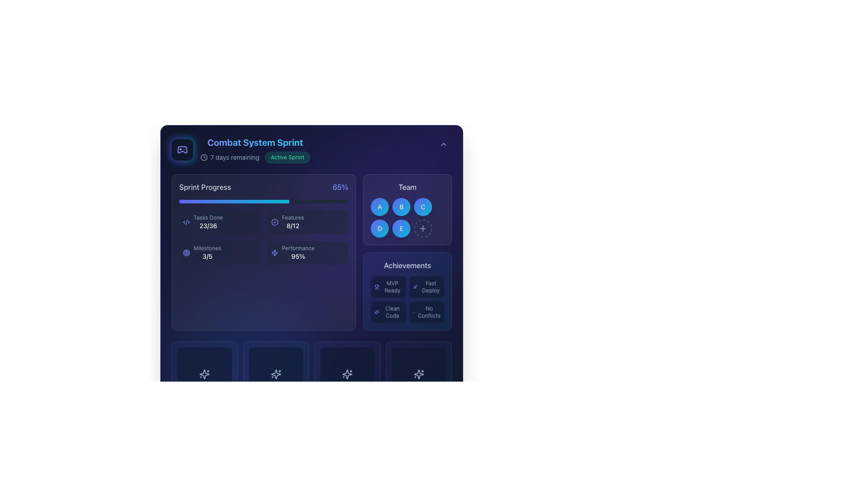 This screenshot has height=486, width=865. I want to click on the Text Display element that shows 'Milestones' and '3/5' in the Sprint Progress section, located below the 'Tasks Done' metric, so click(207, 253).